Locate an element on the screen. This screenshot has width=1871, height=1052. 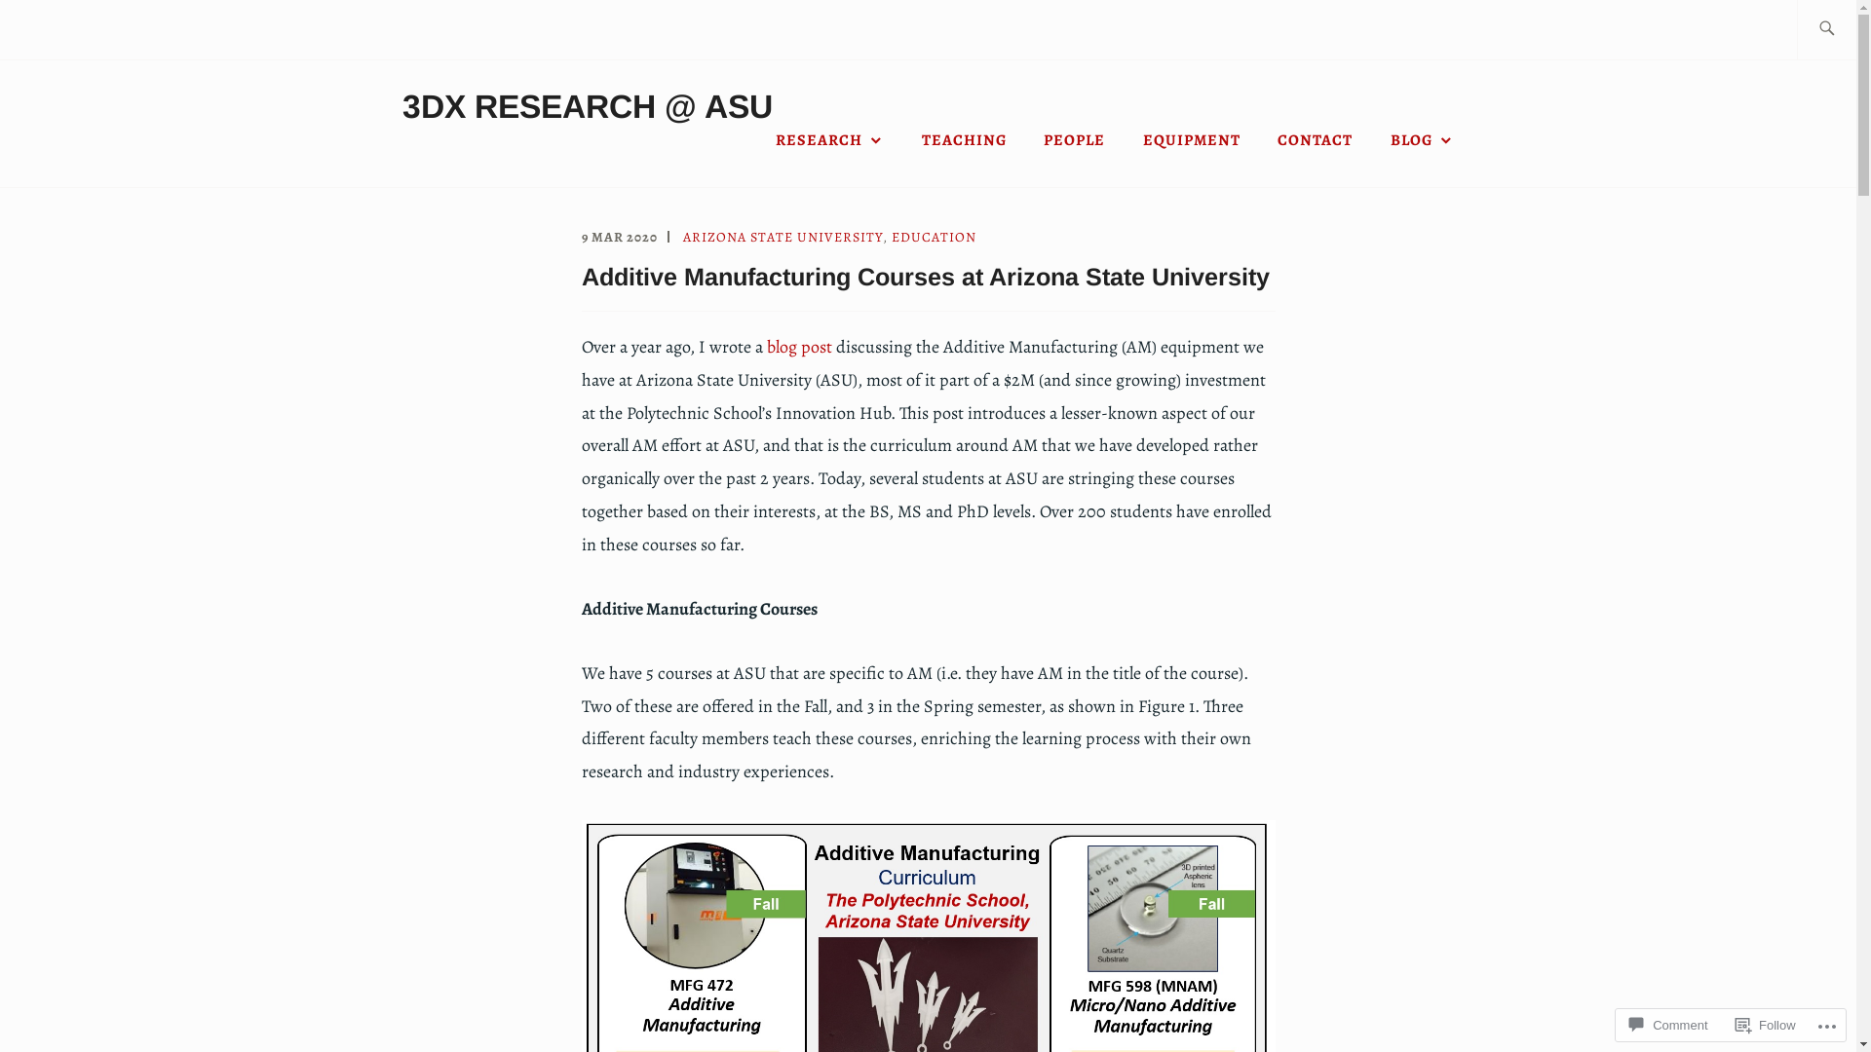
'Follow' is located at coordinates (1766, 1024).